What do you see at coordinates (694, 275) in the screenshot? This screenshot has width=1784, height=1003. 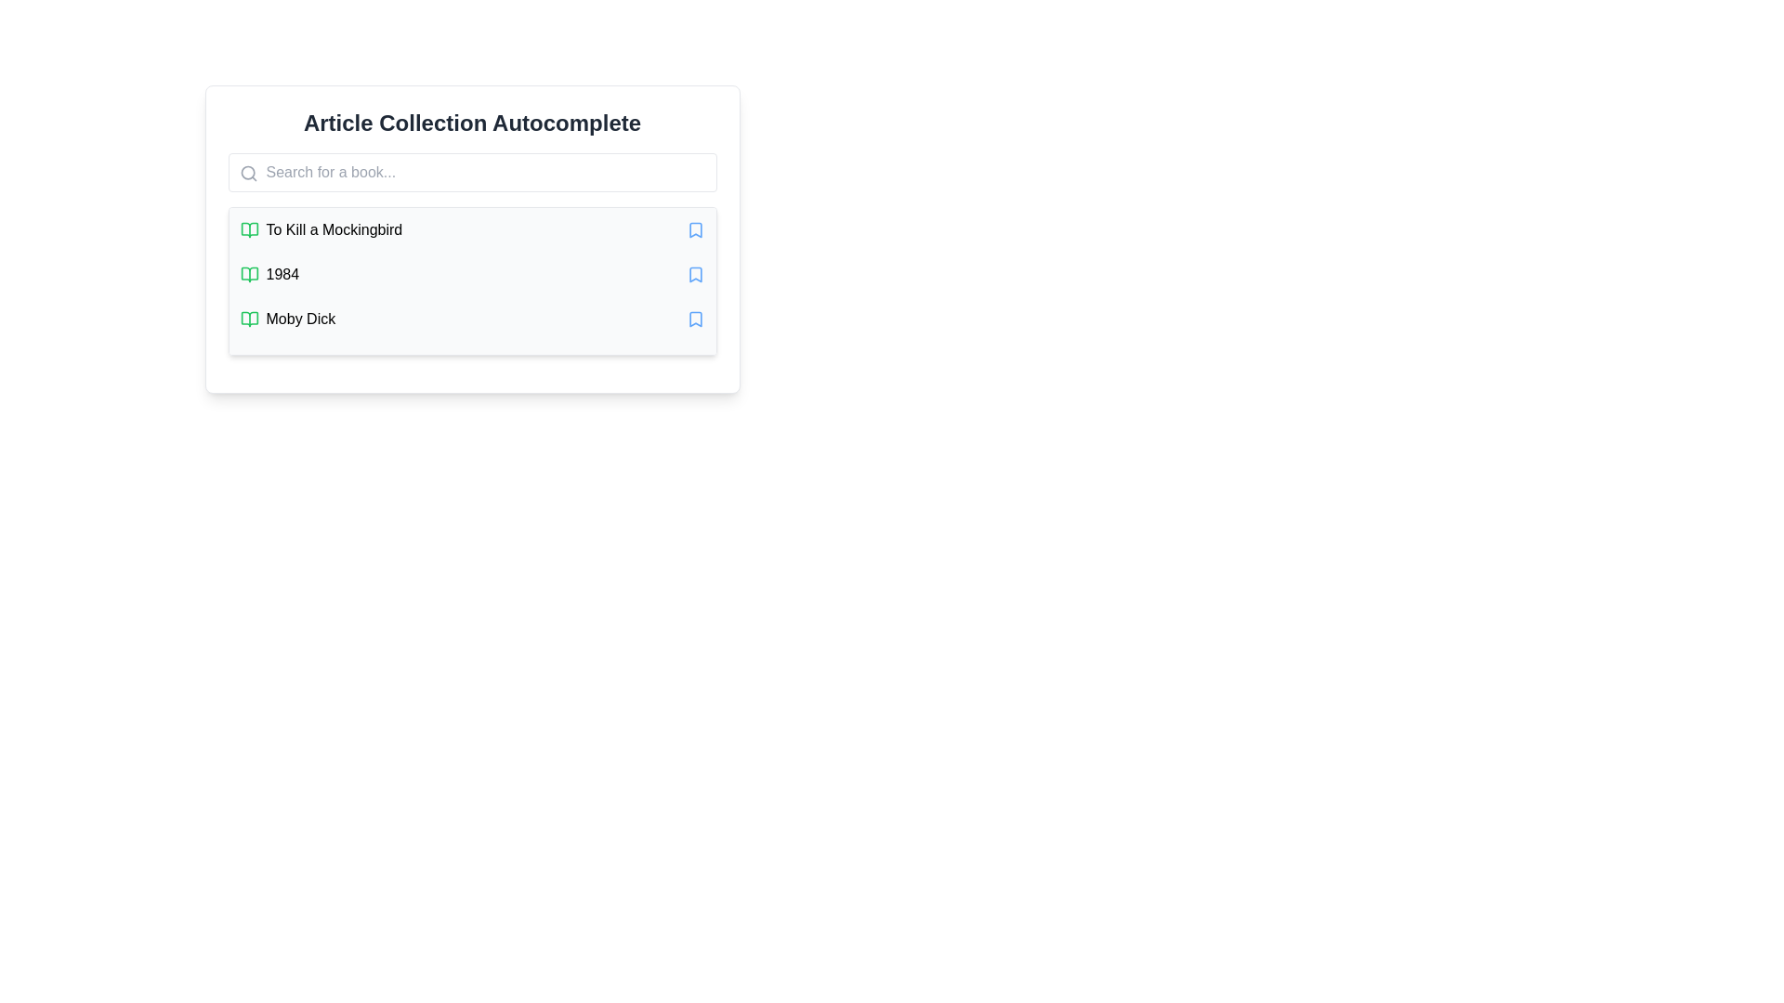 I see `the bookmark icon with a thin blue outline located at the right side of the '1984' list item` at bounding box center [694, 275].